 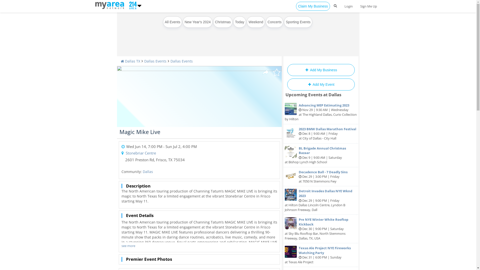 What do you see at coordinates (298, 22) in the screenshot?
I see `'Sporting Events'` at bounding box center [298, 22].